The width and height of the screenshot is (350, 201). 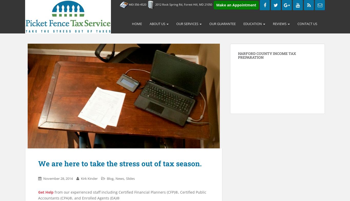 I want to click on 'Education', so click(x=243, y=23).